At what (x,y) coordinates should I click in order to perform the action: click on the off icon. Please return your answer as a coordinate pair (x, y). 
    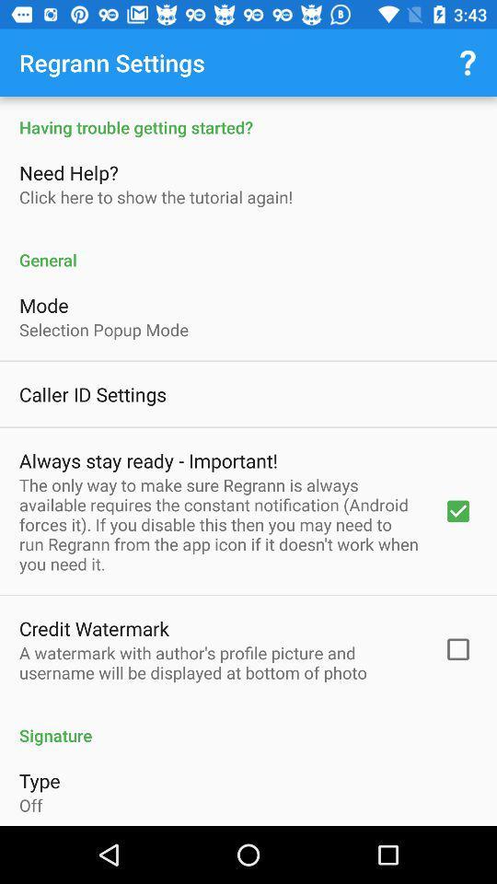
    Looking at the image, I should click on (29, 804).